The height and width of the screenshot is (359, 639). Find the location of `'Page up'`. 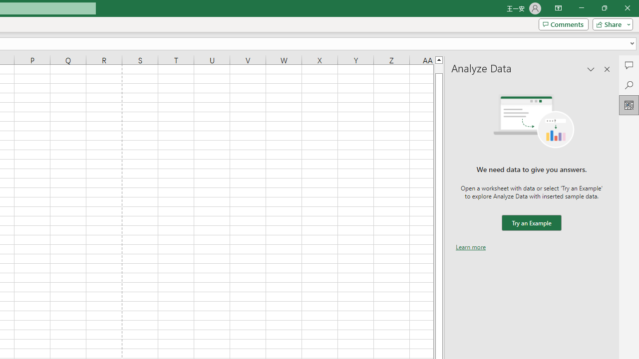

'Page up' is located at coordinates (439, 68).